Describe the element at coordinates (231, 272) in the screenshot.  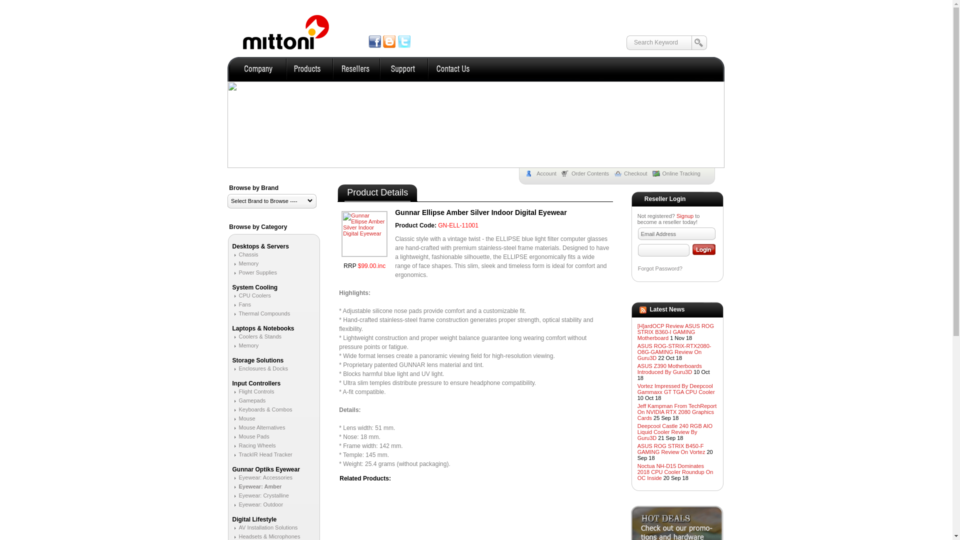
I see `'Power Supplies'` at that location.